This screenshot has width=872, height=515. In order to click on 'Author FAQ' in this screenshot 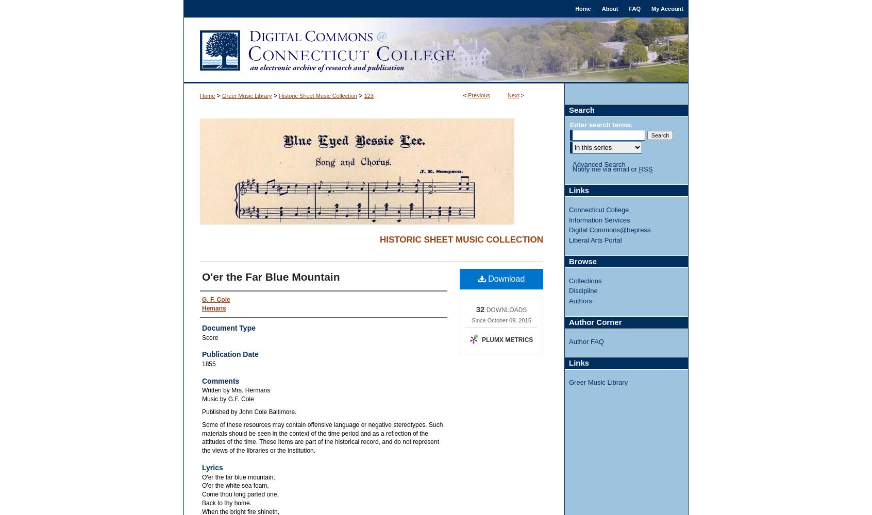, I will do `click(585, 341)`.